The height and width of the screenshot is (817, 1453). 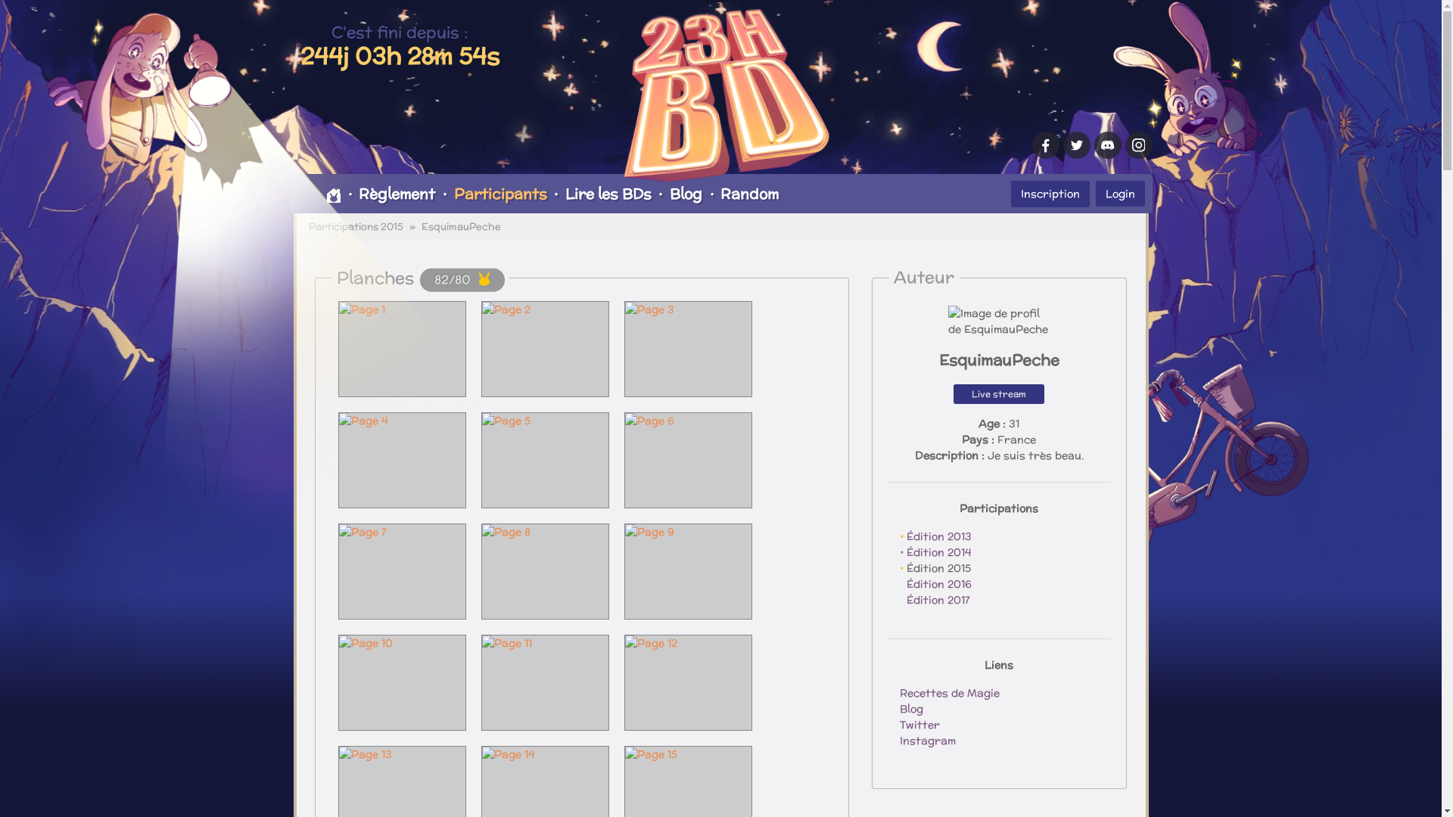 What do you see at coordinates (947, 692) in the screenshot?
I see `'Recettes de Magie'` at bounding box center [947, 692].